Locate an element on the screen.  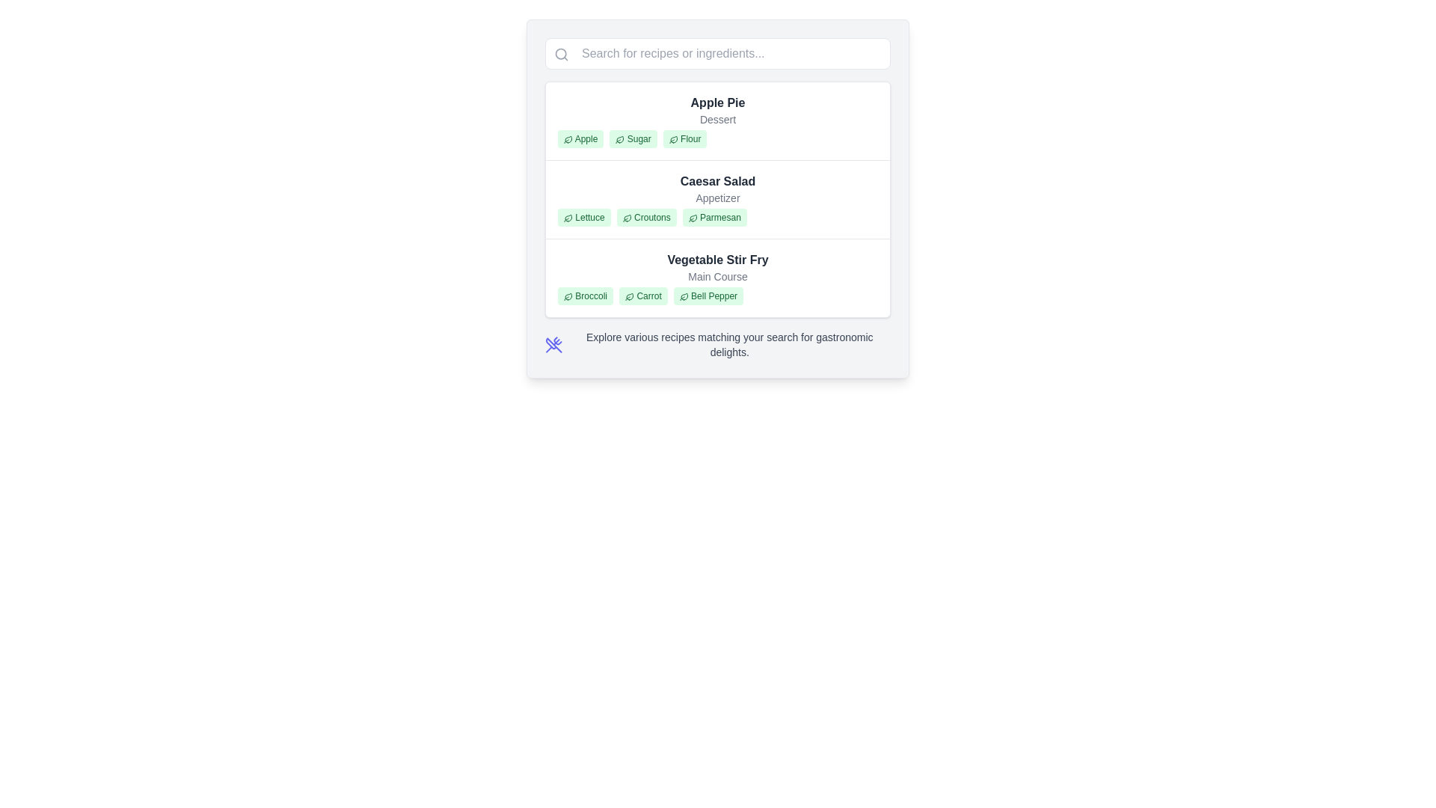
the left-aligned icon for the ingredient tag labeled 'Apple' in the topmost row of the ingredient list under the recipe 'Apple Pie' for more details is located at coordinates (567, 138).